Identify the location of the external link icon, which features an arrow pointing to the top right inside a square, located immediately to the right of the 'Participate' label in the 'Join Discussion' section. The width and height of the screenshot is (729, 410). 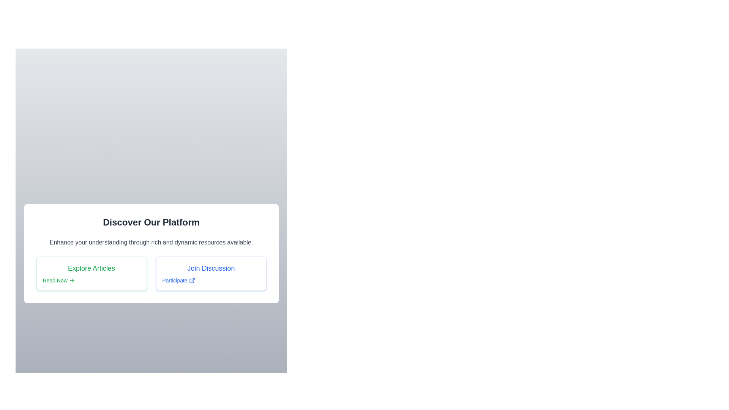
(192, 281).